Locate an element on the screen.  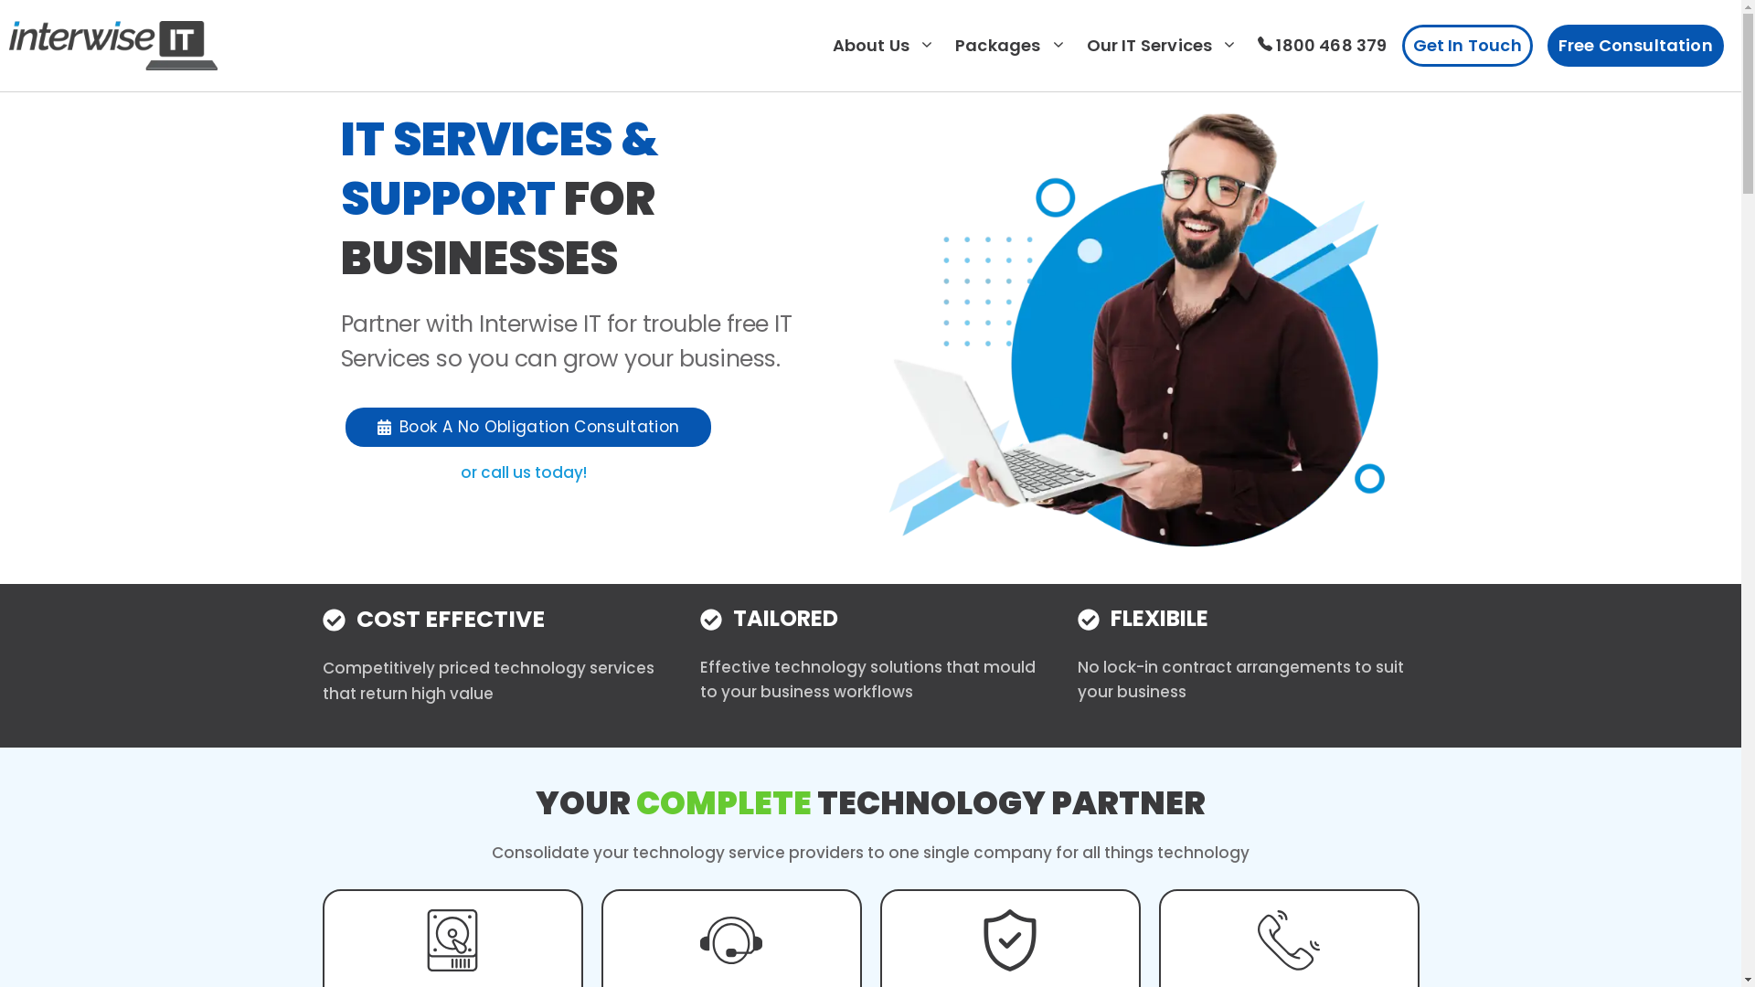
'Book A No Obligation Consultation' is located at coordinates (526, 427).